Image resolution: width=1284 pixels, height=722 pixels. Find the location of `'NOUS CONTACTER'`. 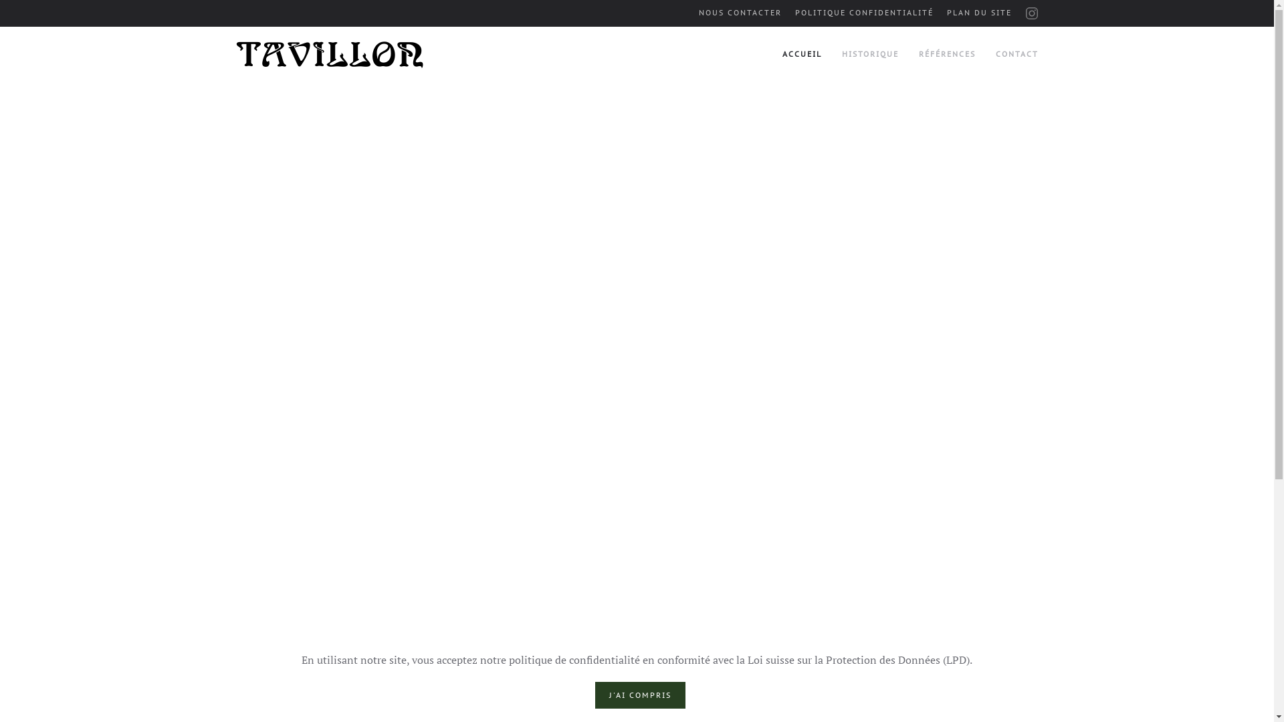

'NOUS CONTACTER' is located at coordinates (697, 13).